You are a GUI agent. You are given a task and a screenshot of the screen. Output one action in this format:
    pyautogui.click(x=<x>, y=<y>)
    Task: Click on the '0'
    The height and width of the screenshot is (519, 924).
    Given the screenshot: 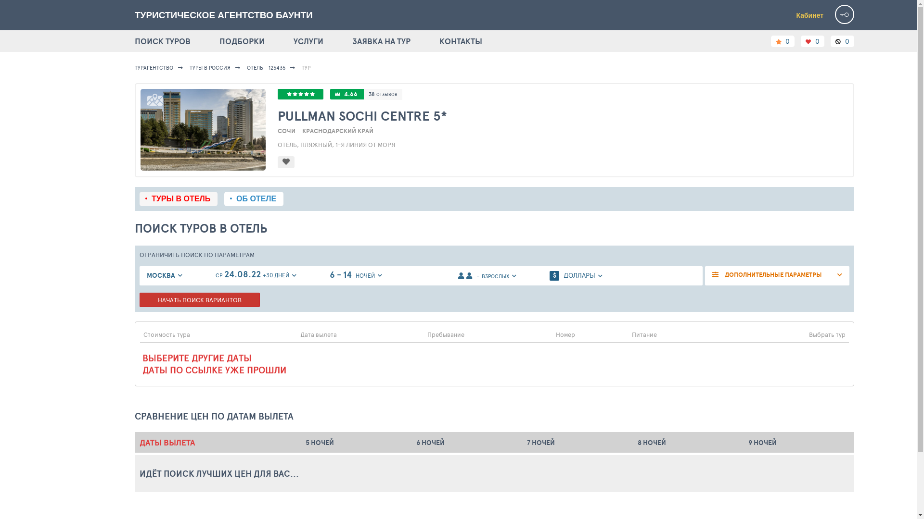 What is the action you would take?
    pyautogui.click(x=842, y=40)
    